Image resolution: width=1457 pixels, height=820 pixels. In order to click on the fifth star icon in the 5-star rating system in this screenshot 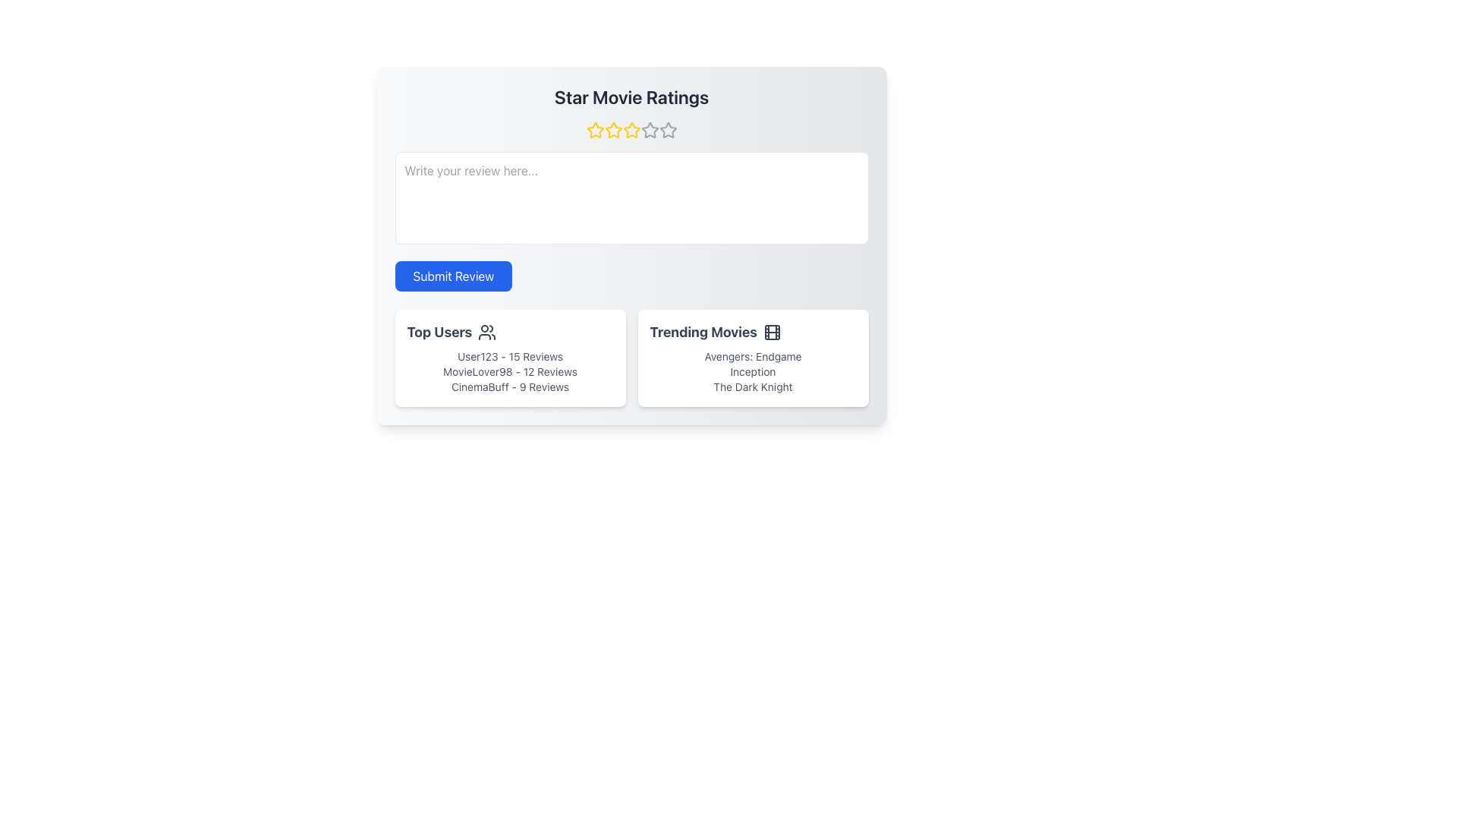, I will do `click(668, 129)`.